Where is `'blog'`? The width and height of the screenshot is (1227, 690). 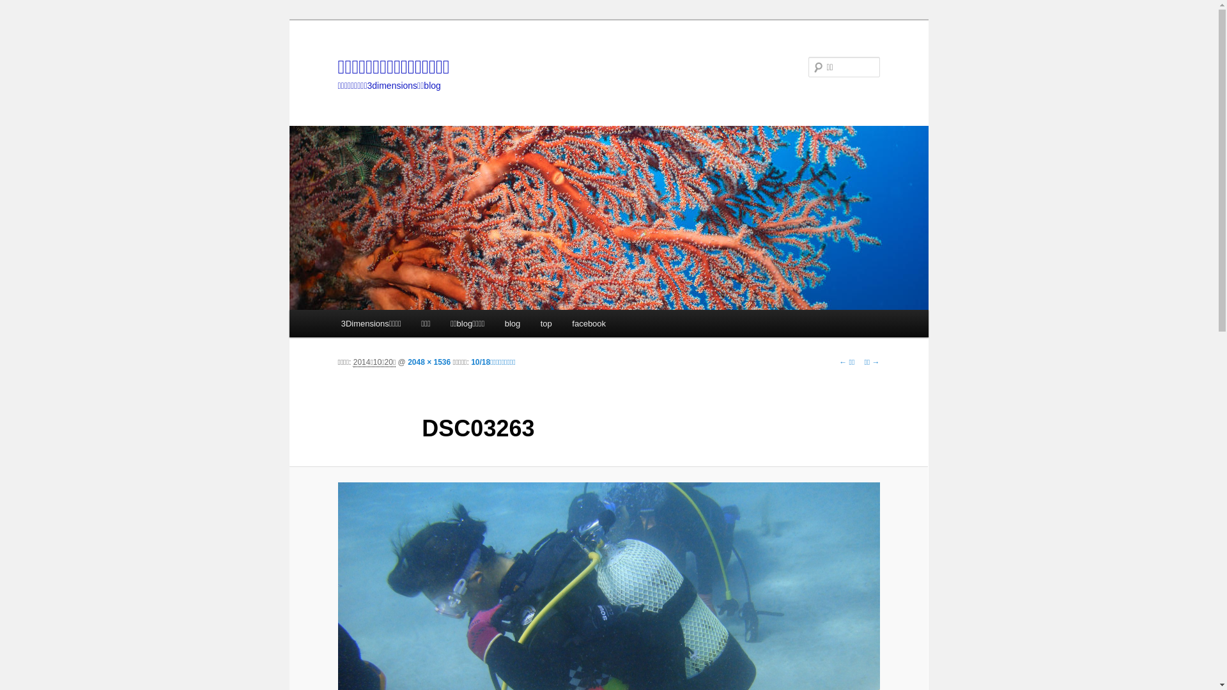 'blog' is located at coordinates (512, 323).